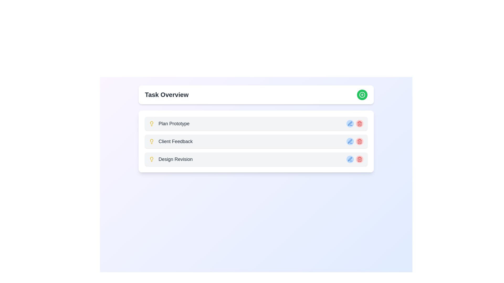  Describe the element at coordinates (176, 159) in the screenshot. I see `the 'Design Revision' text label, which is styled with a medium font weight and gray color, located to the right of a light bulb icon under the 'Task Overview' header` at that location.